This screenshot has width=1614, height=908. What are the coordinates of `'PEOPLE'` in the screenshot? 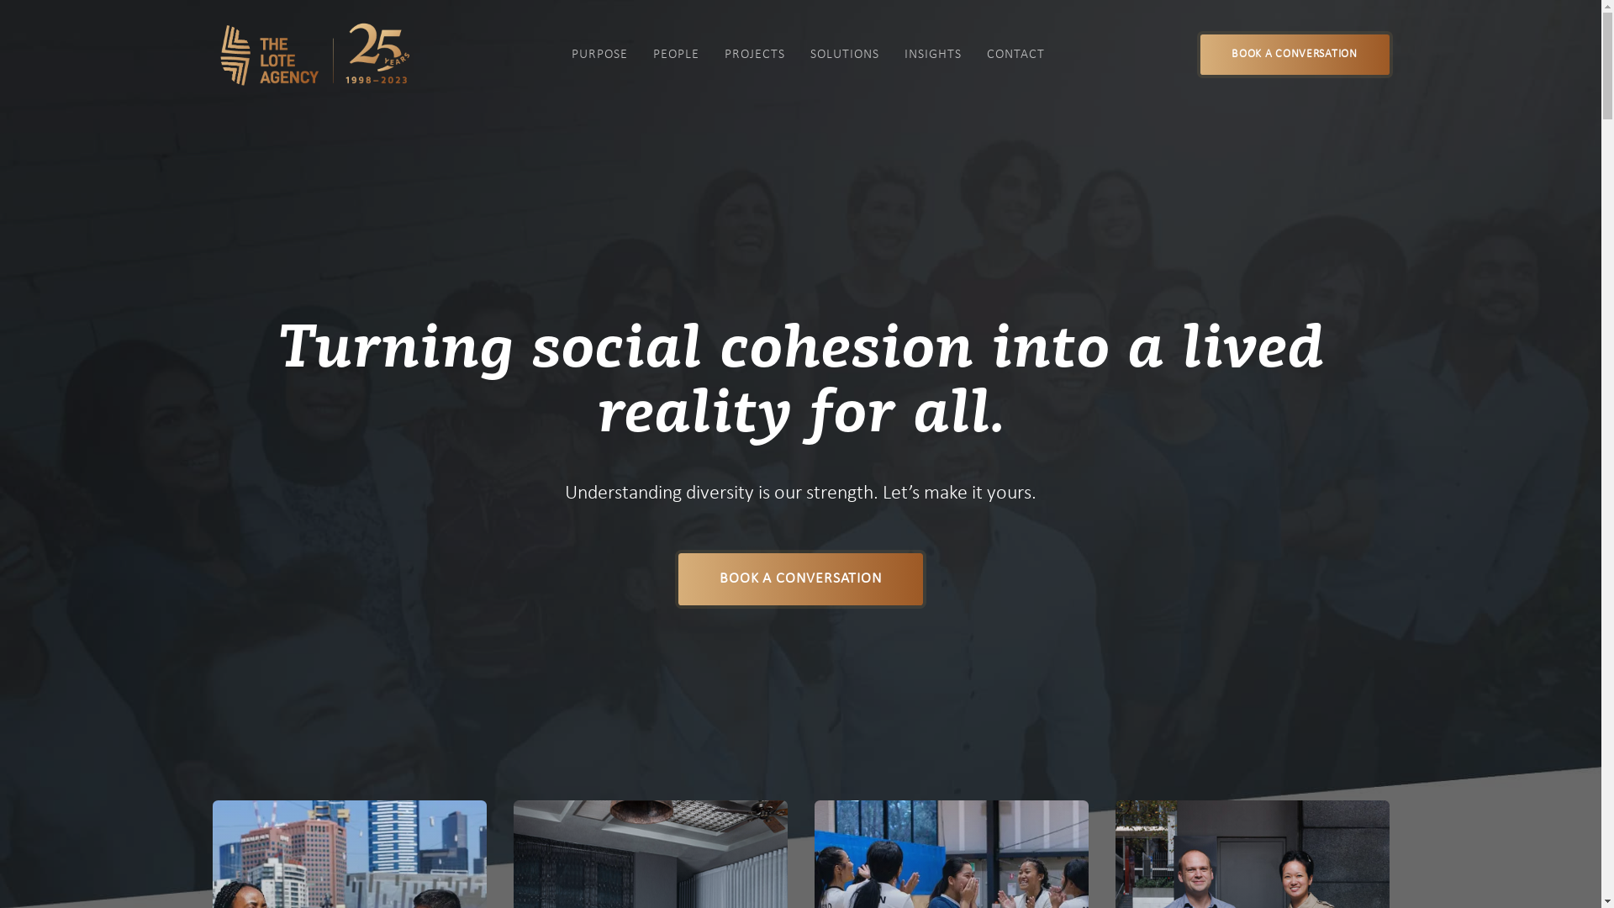 It's located at (676, 54).